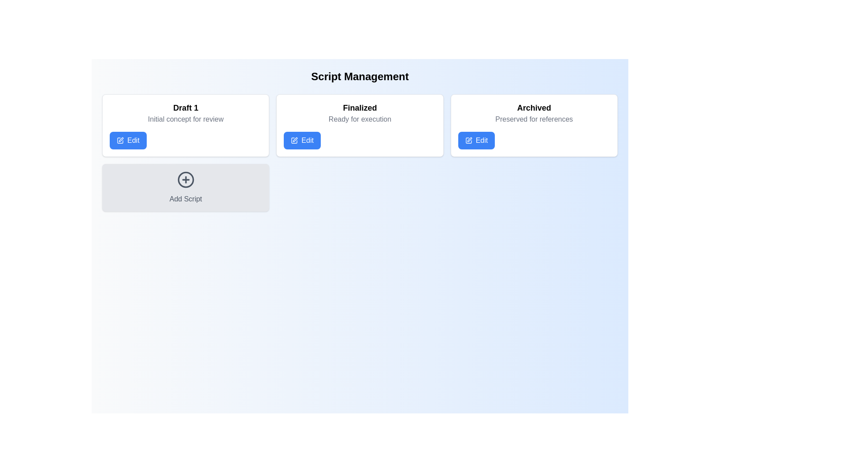 This screenshot has width=846, height=476. What do you see at coordinates (360, 108) in the screenshot?
I see `the 'Finalized' text label located in the top row of the second column, which signifies that the section has achieved a 'Finalized' state` at bounding box center [360, 108].